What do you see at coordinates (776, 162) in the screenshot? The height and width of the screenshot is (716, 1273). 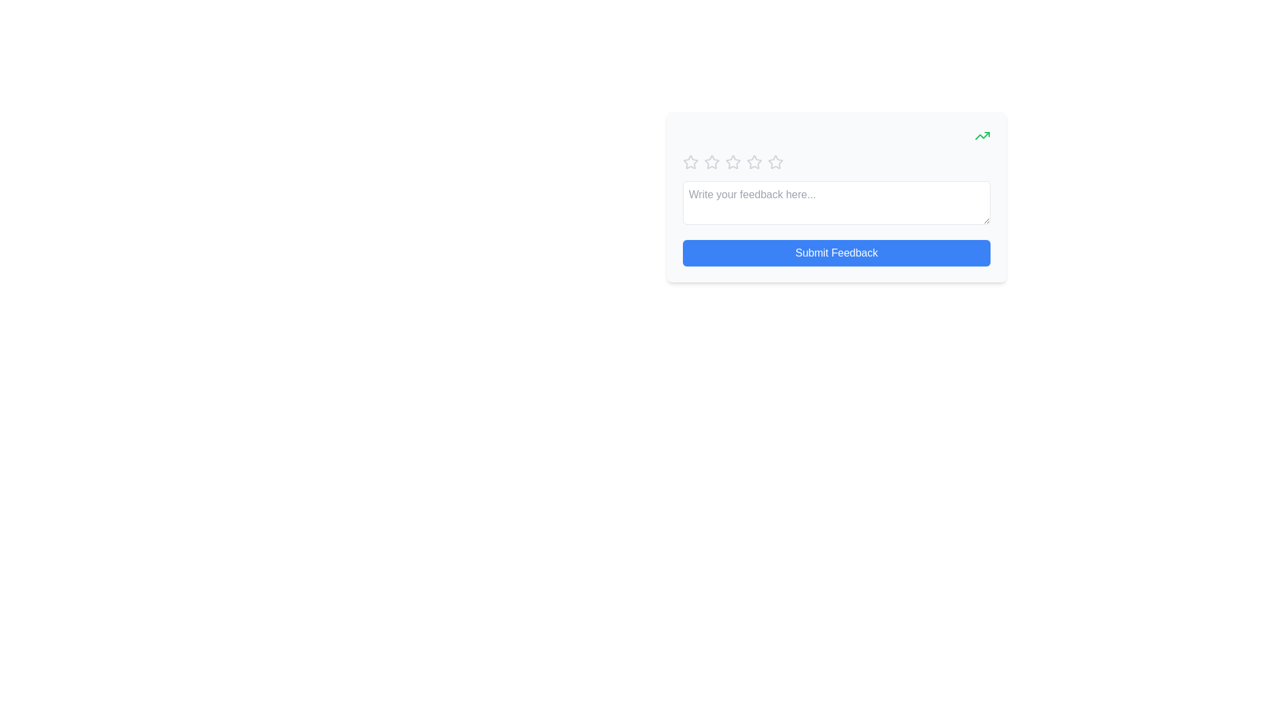 I see `the fifth rating star icon` at bounding box center [776, 162].